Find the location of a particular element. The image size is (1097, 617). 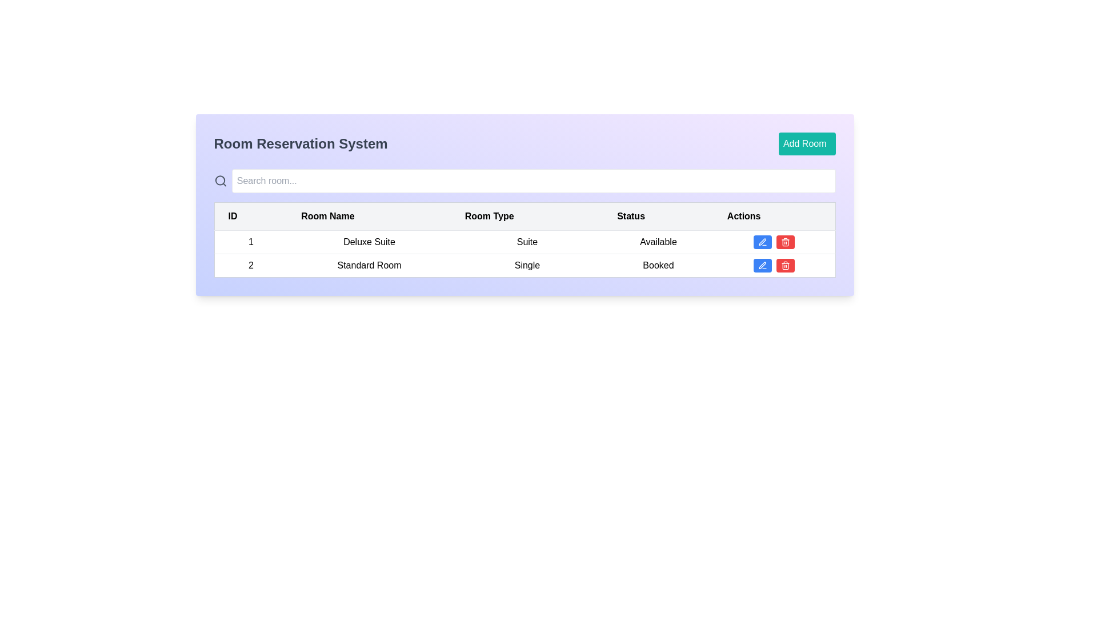

the second row of the table that represents details about a room, including its ID, type, and status to interact with it is located at coordinates (524, 266).